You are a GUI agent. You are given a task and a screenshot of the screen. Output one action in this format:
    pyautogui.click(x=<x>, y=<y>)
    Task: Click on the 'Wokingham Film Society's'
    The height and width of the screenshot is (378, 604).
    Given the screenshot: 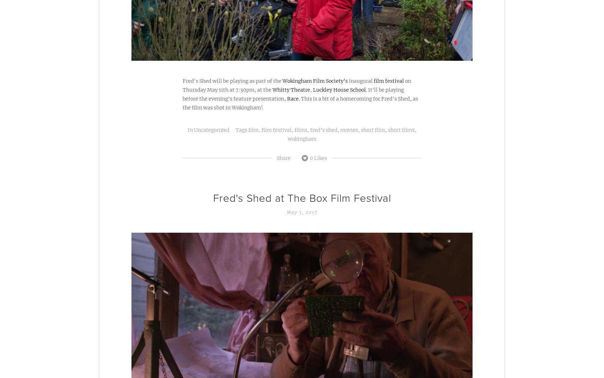 What is the action you would take?
    pyautogui.click(x=282, y=80)
    